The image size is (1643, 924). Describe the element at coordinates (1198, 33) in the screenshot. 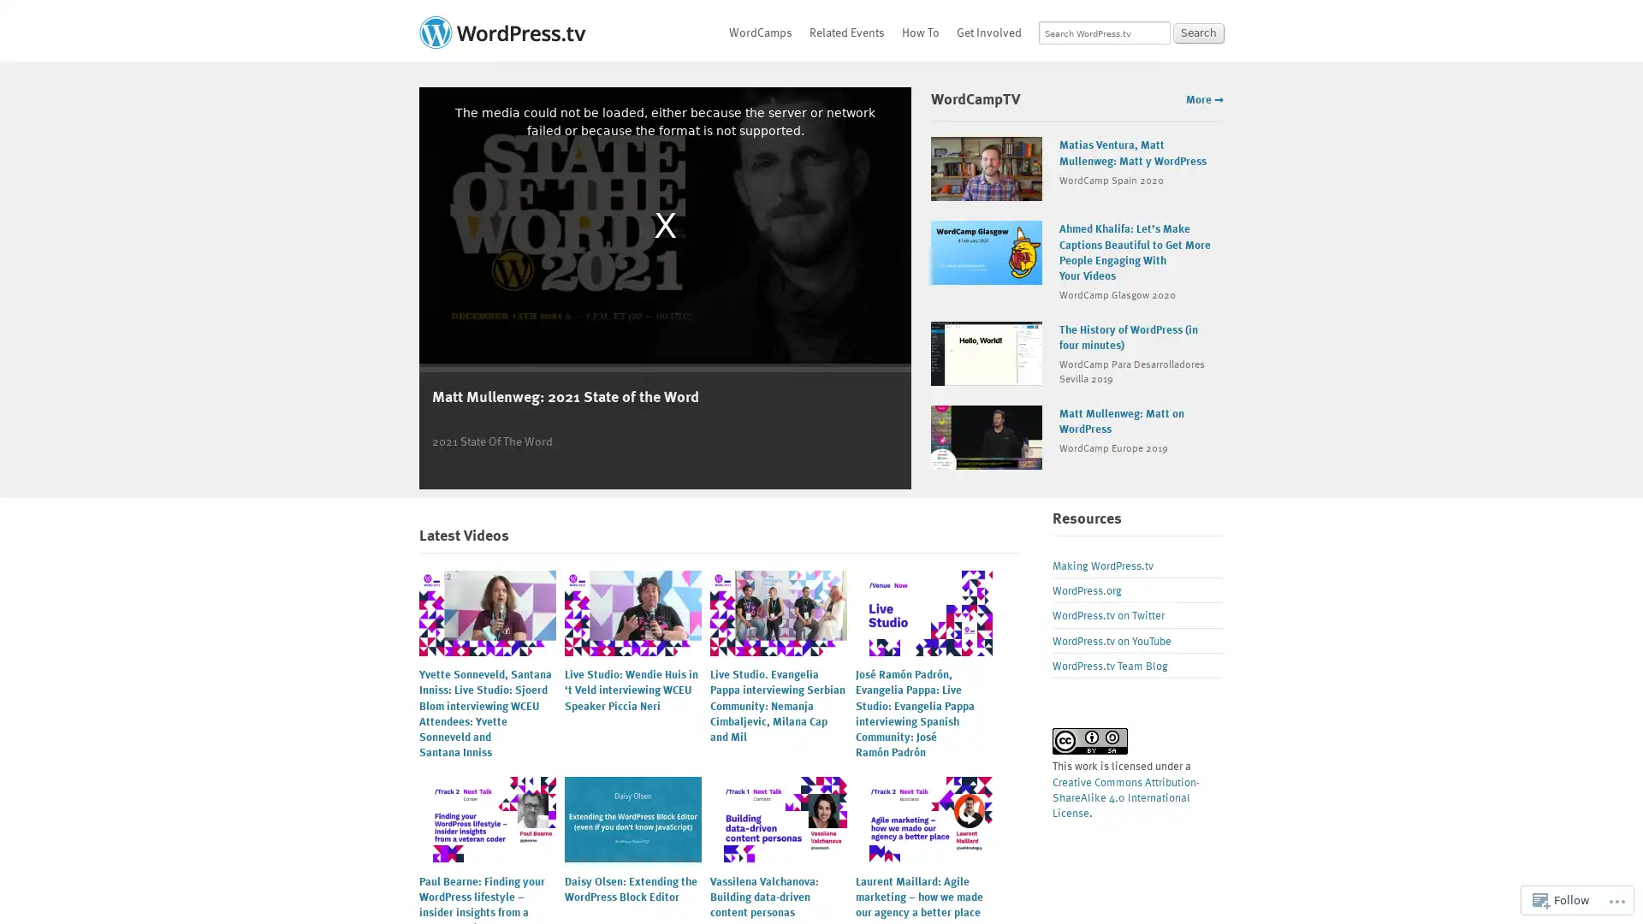

I see `Search` at that location.